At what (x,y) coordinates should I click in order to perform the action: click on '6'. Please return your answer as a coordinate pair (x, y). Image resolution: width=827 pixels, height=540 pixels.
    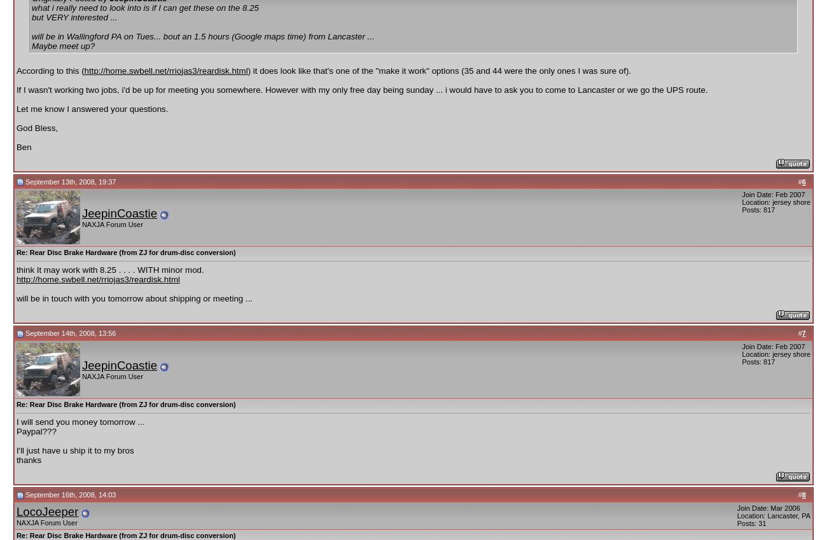
    Looking at the image, I should click on (803, 181).